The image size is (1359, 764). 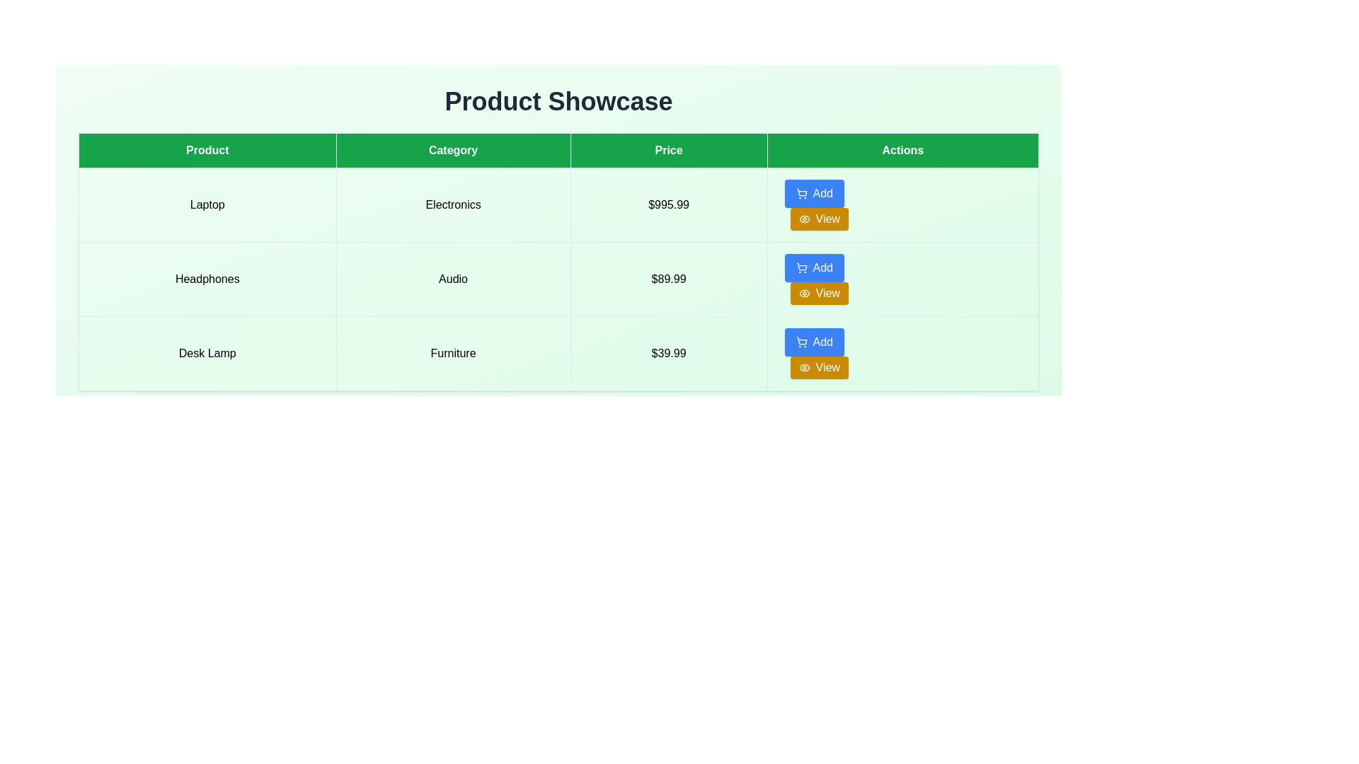 What do you see at coordinates (814, 267) in the screenshot?
I see `the 'Add to Cart' button for the product 'Headphones' in the Actions column` at bounding box center [814, 267].